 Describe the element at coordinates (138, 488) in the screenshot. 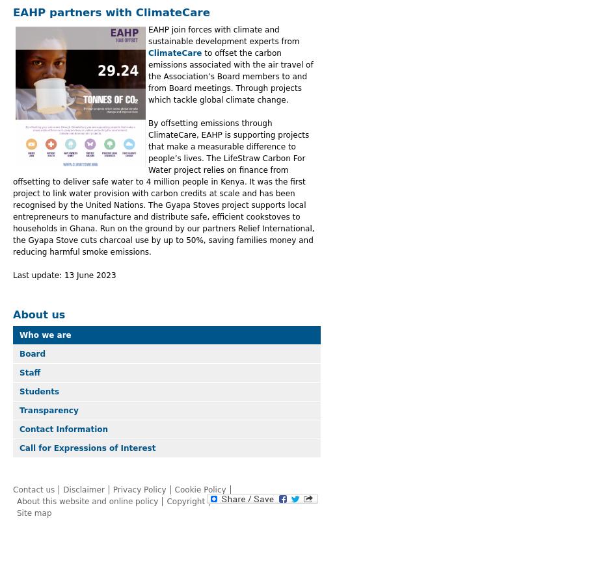

I see `'Privacy Policy'` at that location.